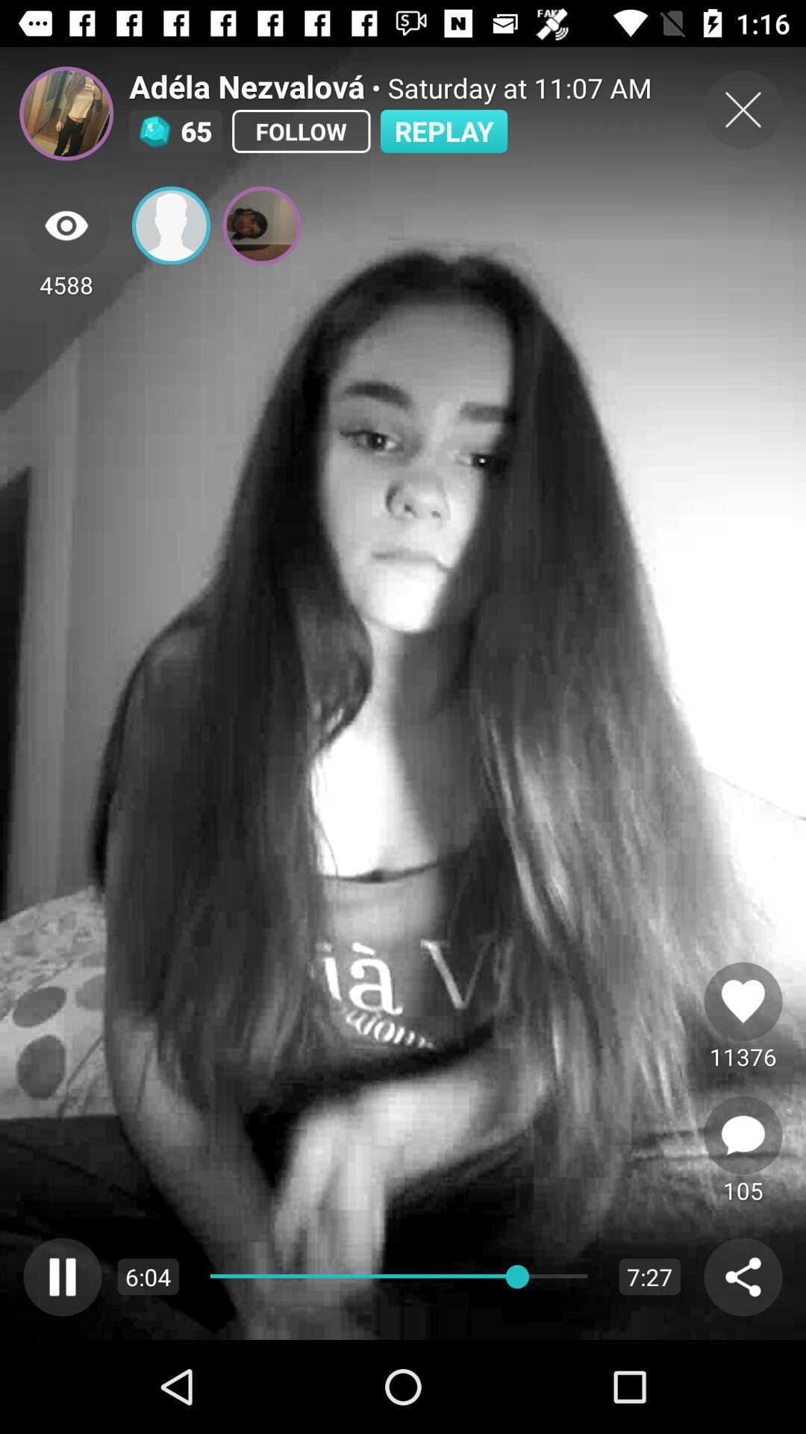 The image size is (806, 1434). I want to click on the close icon, so click(743, 109).